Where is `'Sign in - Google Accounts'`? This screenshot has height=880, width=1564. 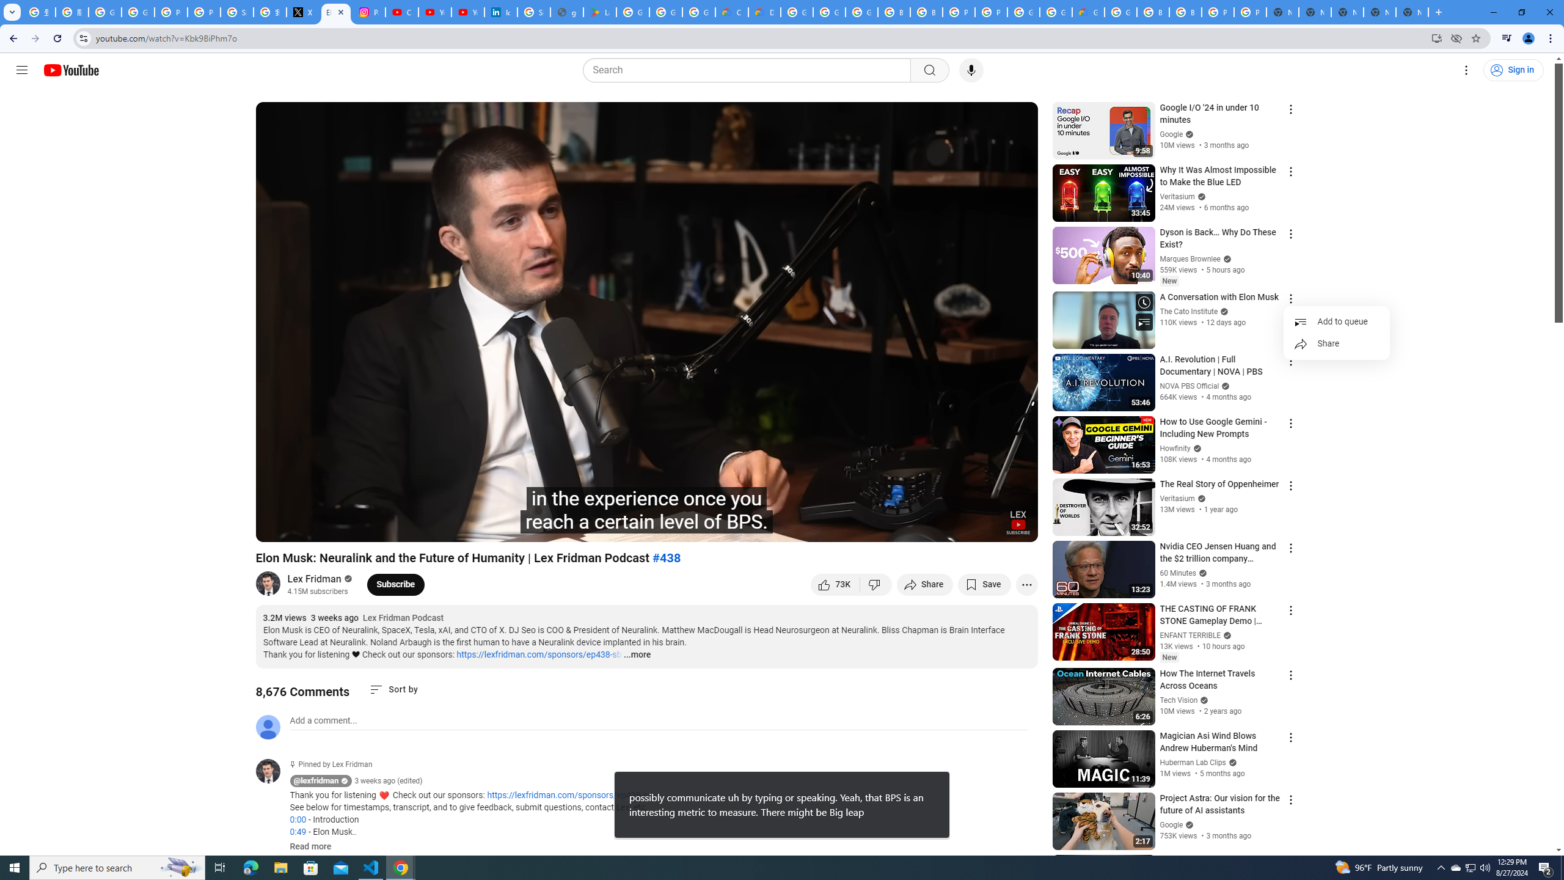 'Sign in - Google Accounts' is located at coordinates (237, 12).